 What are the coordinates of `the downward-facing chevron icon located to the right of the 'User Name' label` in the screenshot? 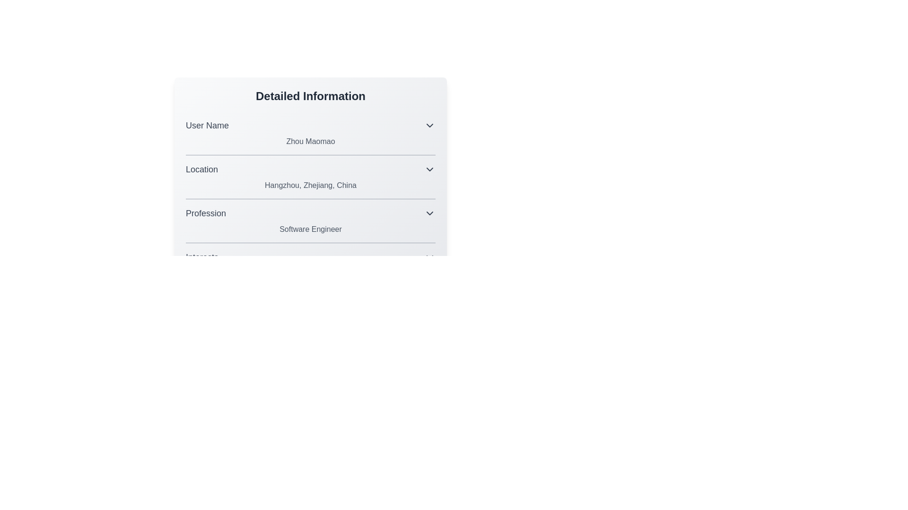 It's located at (429, 125).